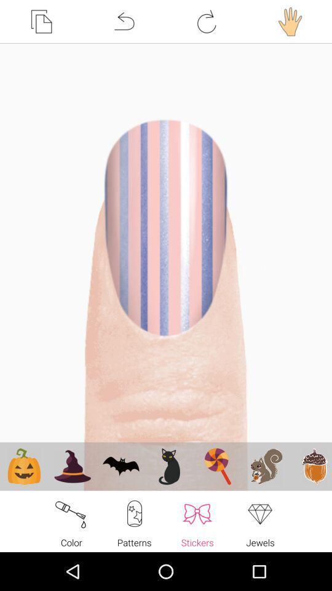 The image size is (332, 591). Describe the element at coordinates (266, 465) in the screenshot. I see `the 2nd clip art from right` at that location.